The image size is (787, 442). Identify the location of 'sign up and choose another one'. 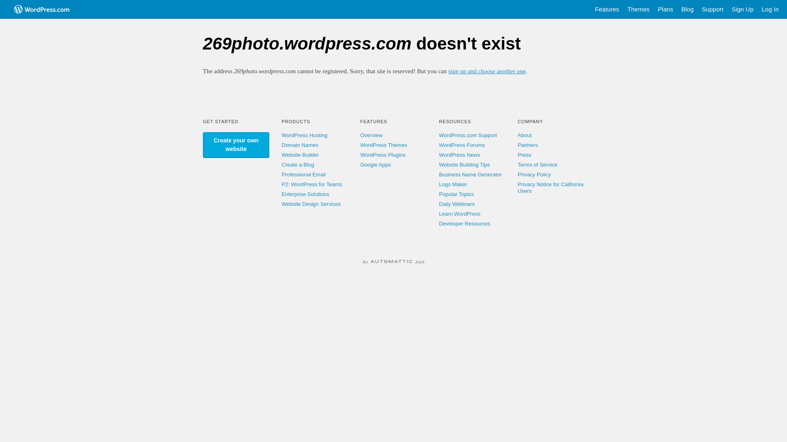
(448, 70).